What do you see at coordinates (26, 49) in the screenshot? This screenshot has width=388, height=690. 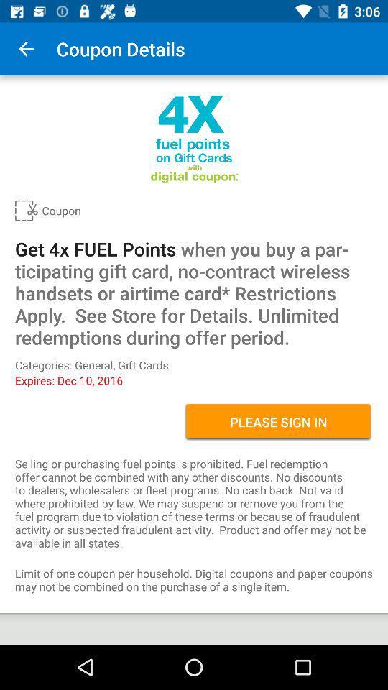 I see `icon next to the coupon details item` at bounding box center [26, 49].